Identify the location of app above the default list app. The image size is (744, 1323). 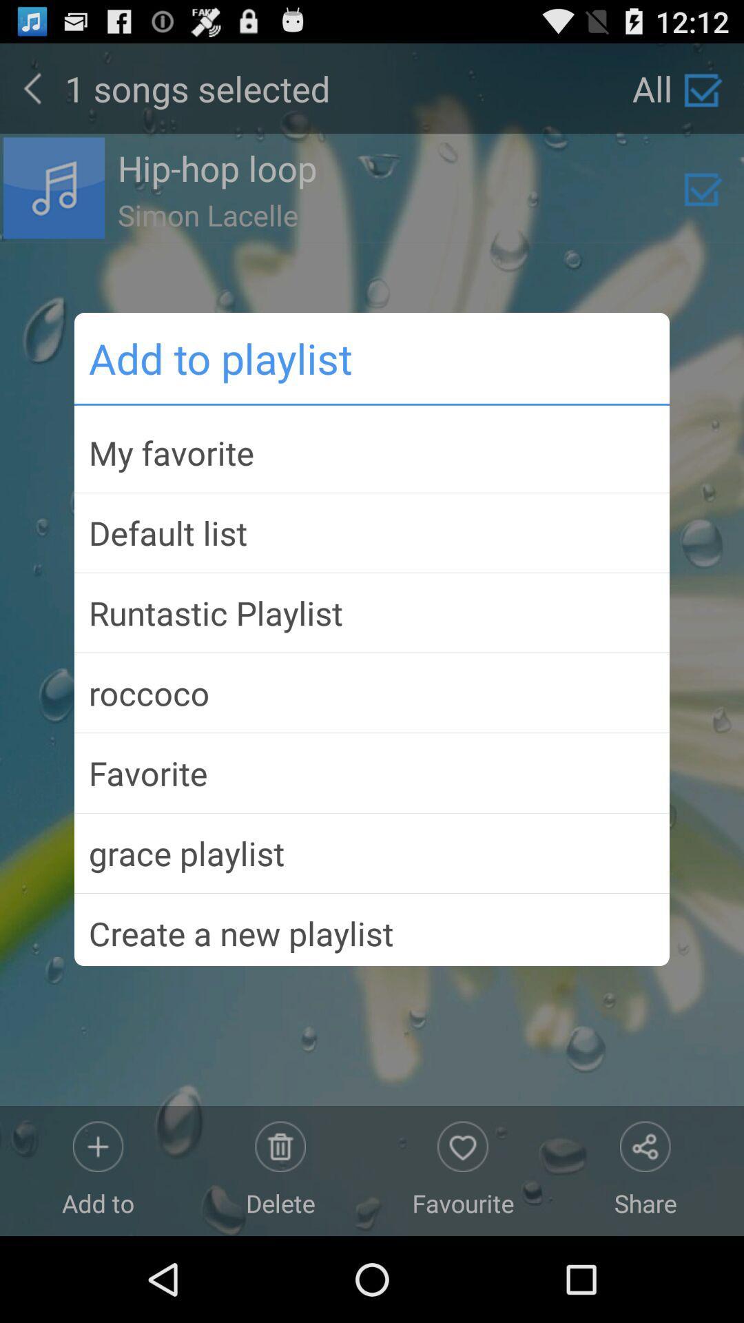
(372, 453).